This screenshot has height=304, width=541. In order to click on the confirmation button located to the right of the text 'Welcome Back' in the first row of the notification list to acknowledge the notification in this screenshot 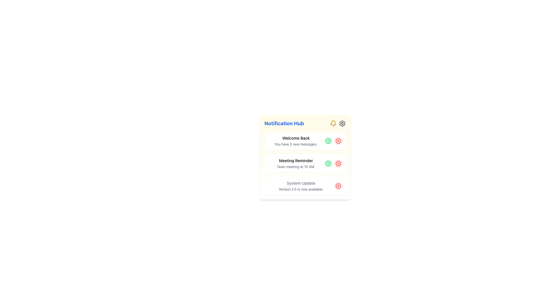, I will do `click(328, 141)`.